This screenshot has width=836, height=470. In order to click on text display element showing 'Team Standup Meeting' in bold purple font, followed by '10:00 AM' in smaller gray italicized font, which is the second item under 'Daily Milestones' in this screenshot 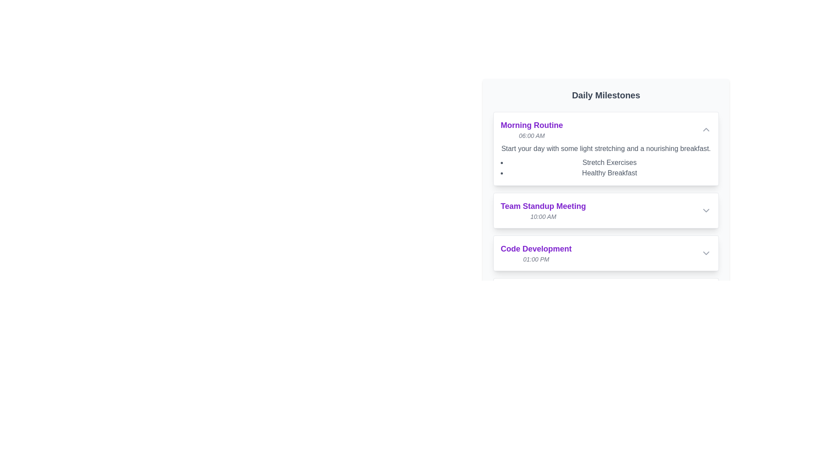, I will do `click(543, 210)`.